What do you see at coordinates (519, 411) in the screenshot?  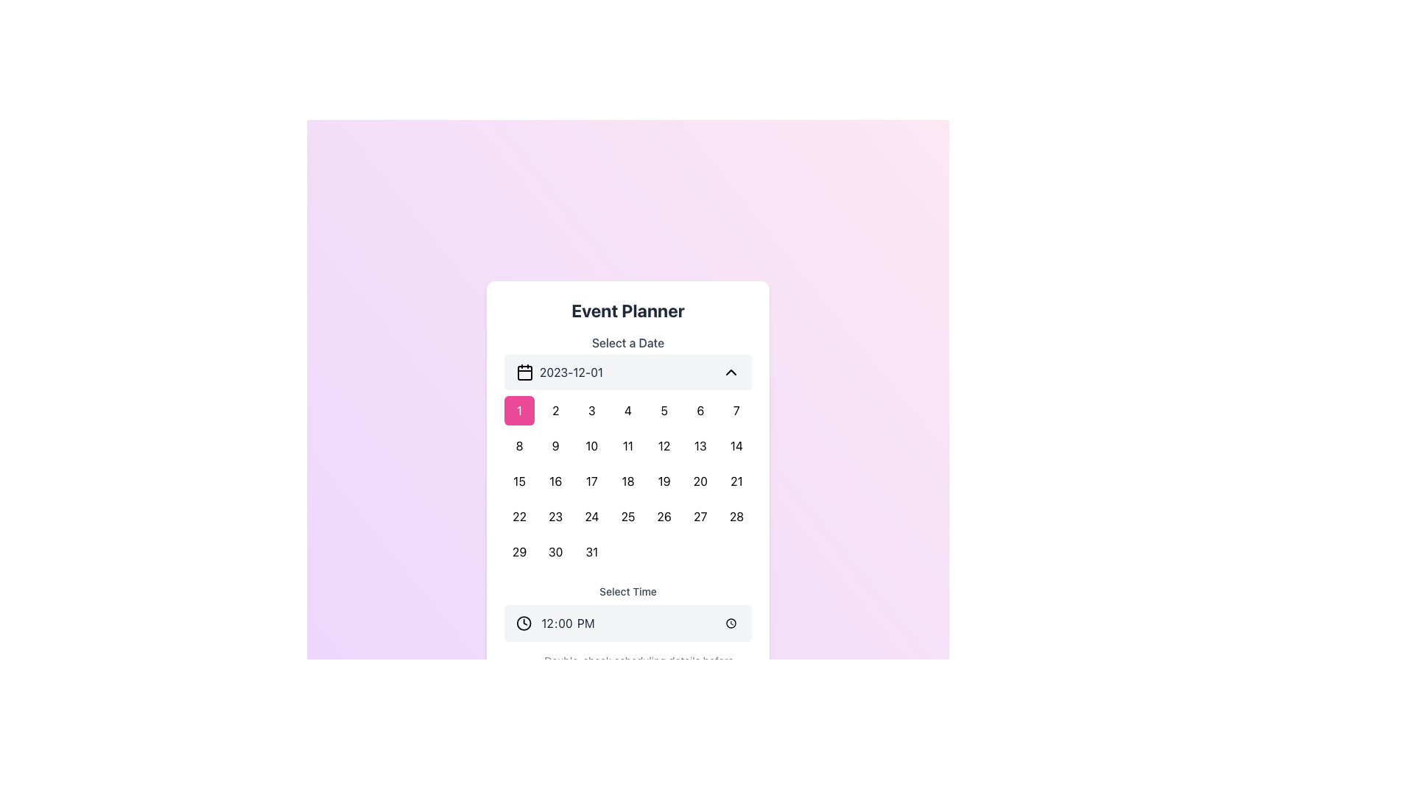 I see `the square button with a pink background and white text '1' located at the top-left corner of the calendar grid` at bounding box center [519, 411].